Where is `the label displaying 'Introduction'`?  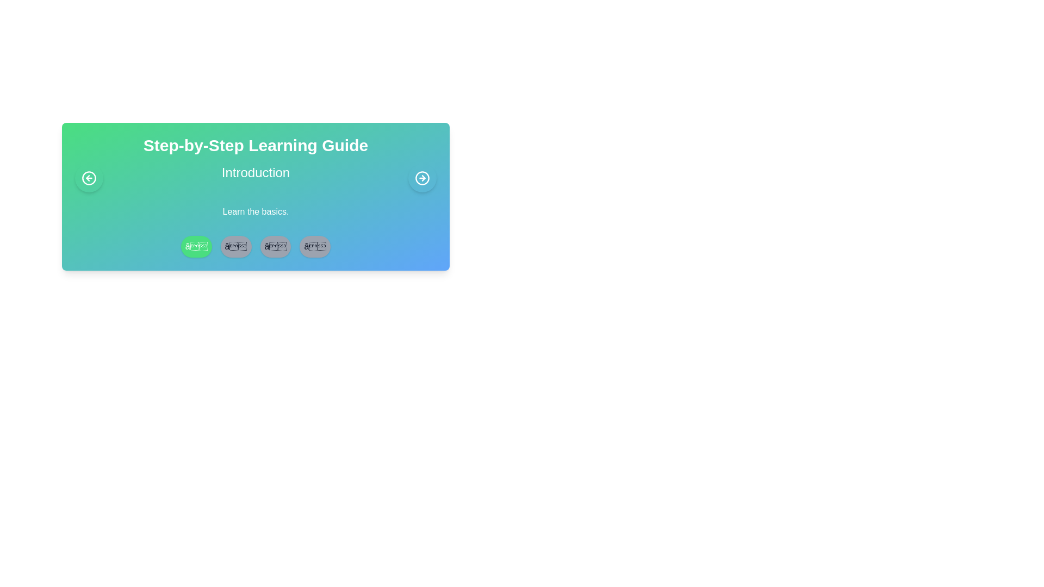
the label displaying 'Introduction' is located at coordinates (255, 177).